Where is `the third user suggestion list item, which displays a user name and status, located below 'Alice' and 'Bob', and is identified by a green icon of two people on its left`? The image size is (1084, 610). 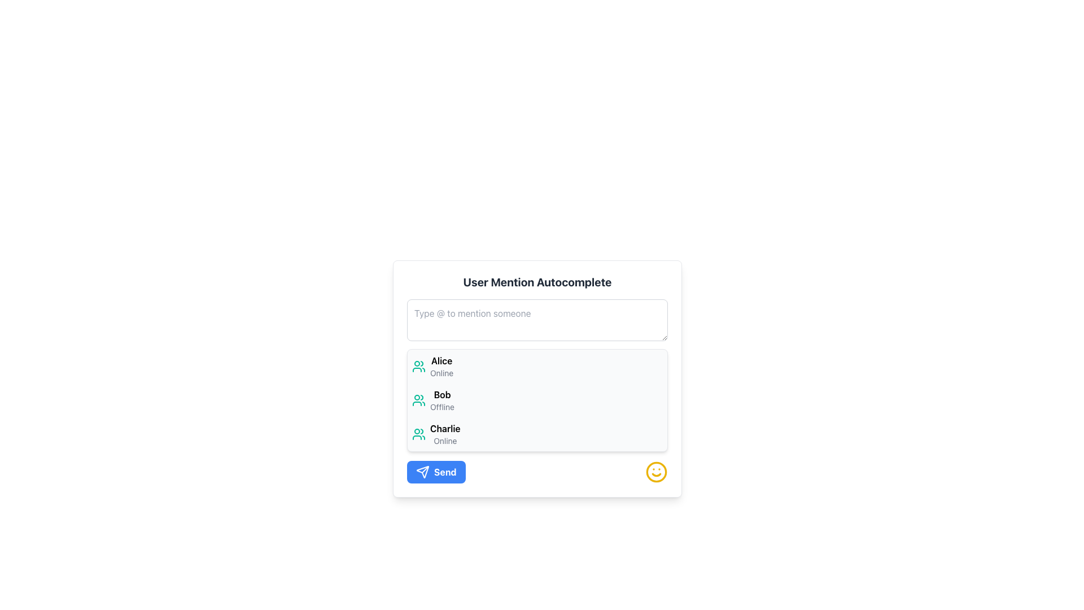 the third user suggestion list item, which displays a user name and status, located below 'Alice' and 'Bob', and is identified by a green icon of two people on its left is located at coordinates (444, 433).